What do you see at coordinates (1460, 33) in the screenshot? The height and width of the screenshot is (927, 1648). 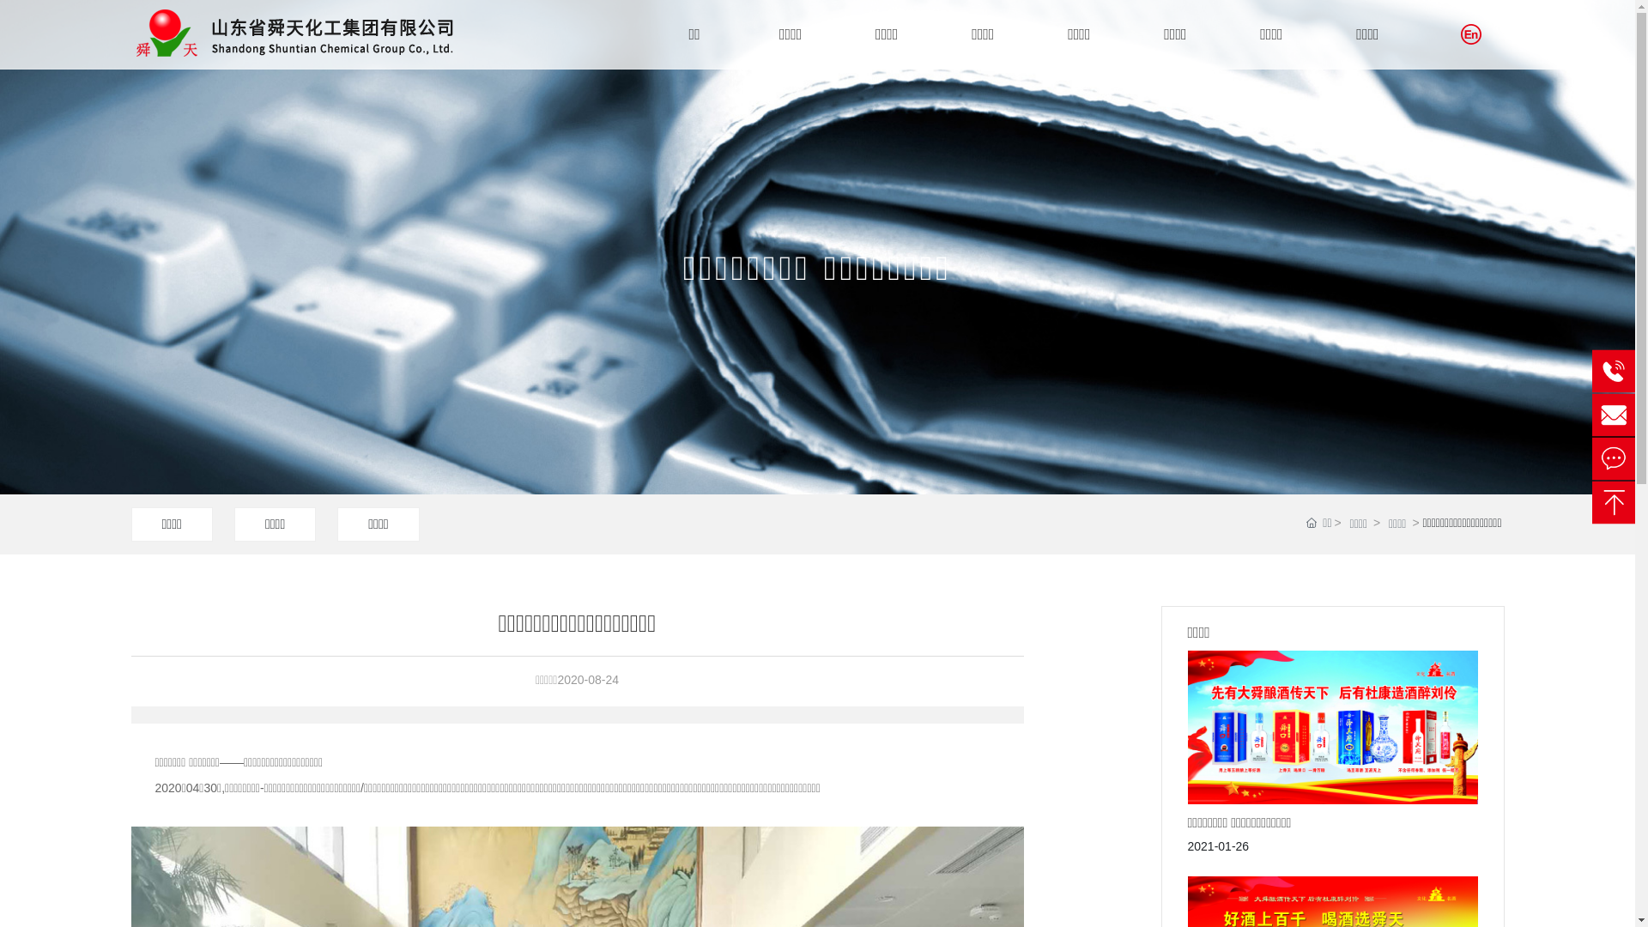 I see `'English'` at bounding box center [1460, 33].